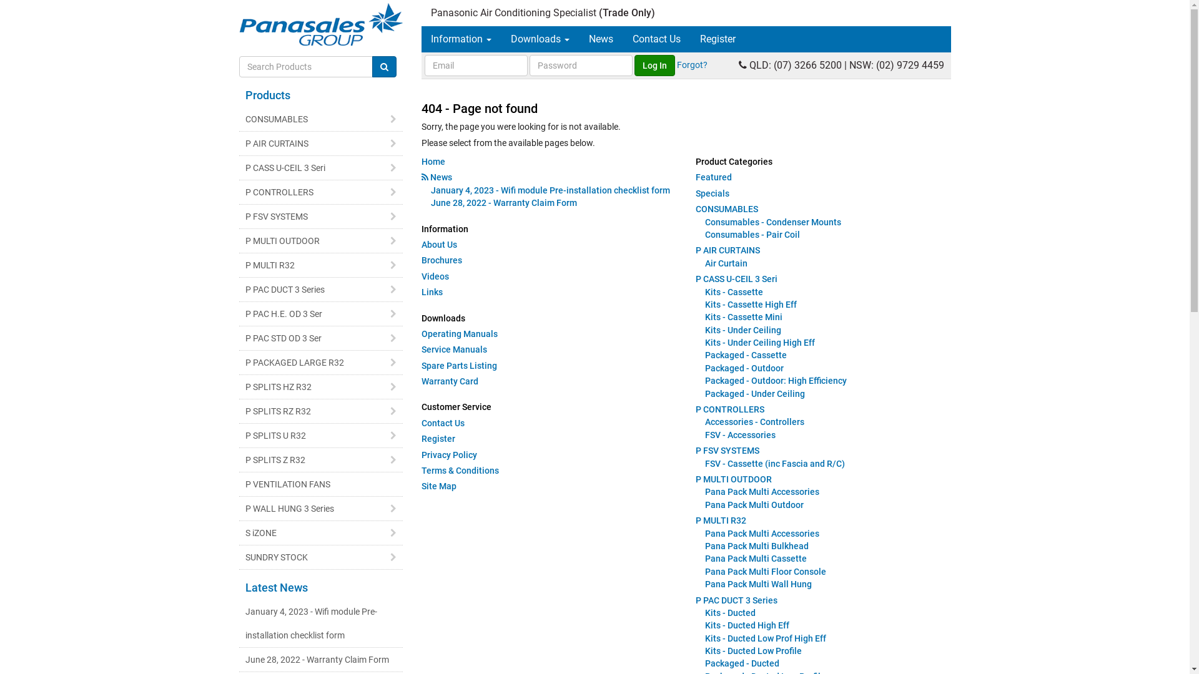 The height and width of the screenshot is (674, 1199). What do you see at coordinates (774, 464) in the screenshot?
I see `'FSV - Cassette (inc Fascia and R/C)'` at bounding box center [774, 464].